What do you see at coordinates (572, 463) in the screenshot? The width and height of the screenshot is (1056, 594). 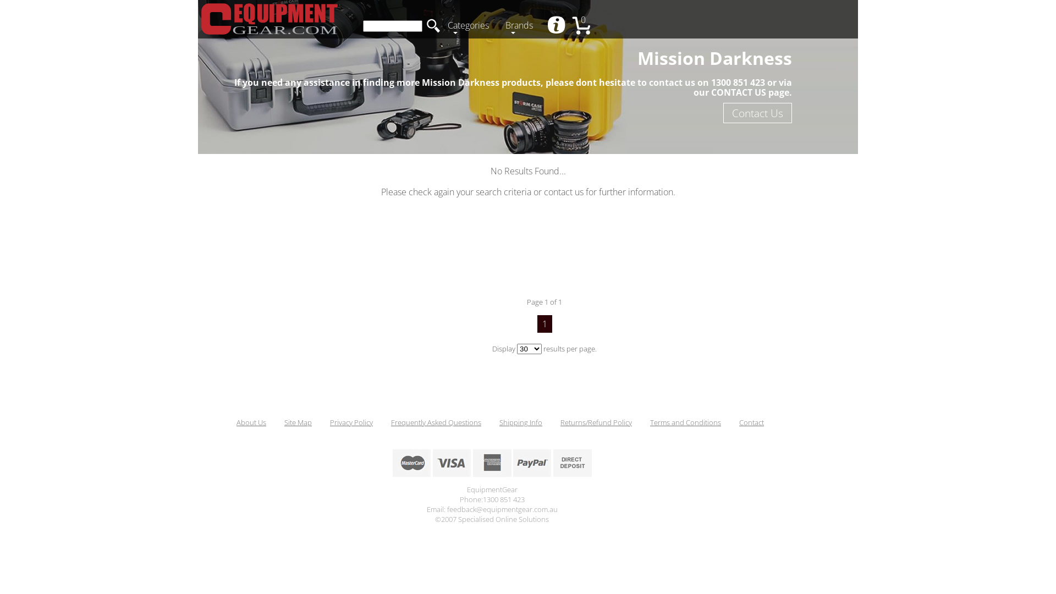 I see `'Bank Deposits Accepted'` at bounding box center [572, 463].